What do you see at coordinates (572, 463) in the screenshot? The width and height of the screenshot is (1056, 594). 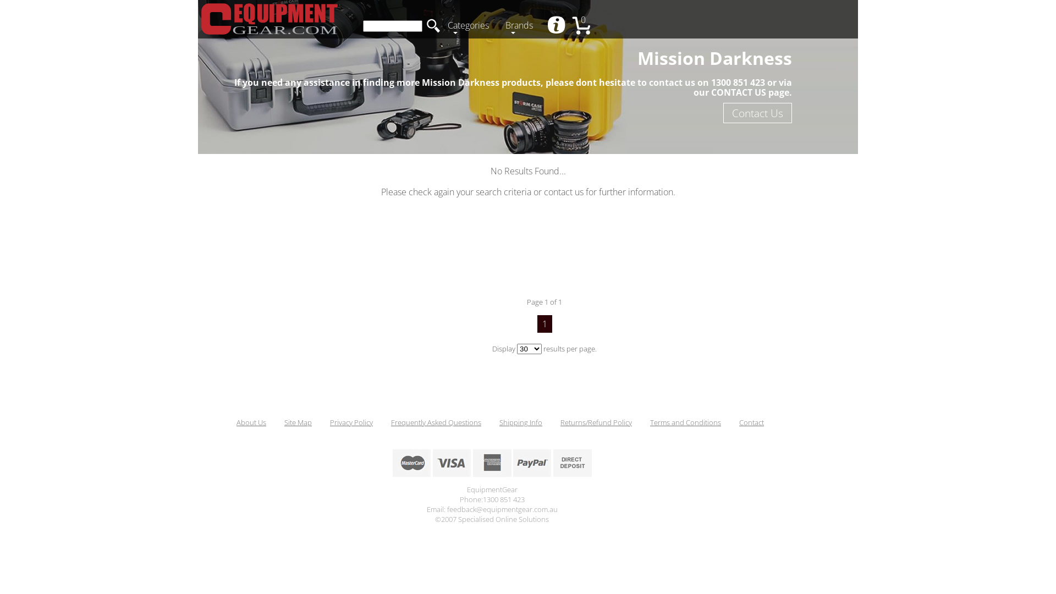 I see `'Bank Deposits Accepted'` at bounding box center [572, 463].